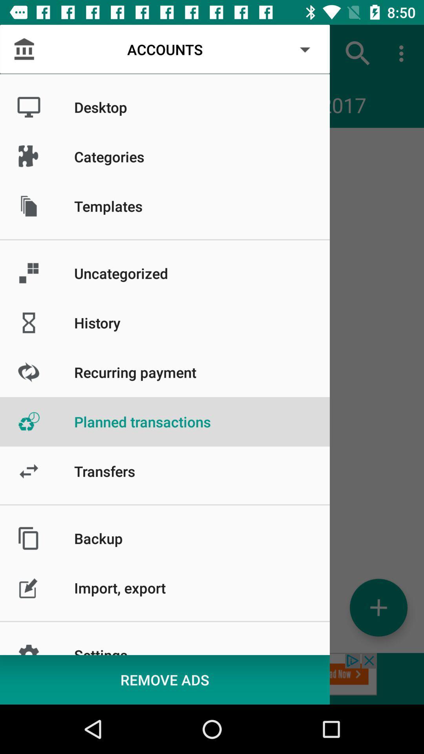  Describe the element at coordinates (378, 607) in the screenshot. I see `the item at the bottom right corner` at that location.